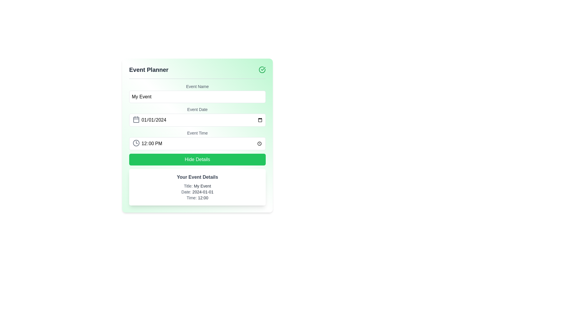 Image resolution: width=565 pixels, height=318 pixels. What do you see at coordinates (136, 119) in the screenshot?
I see `the calendar icon which is visually used to denote the date selection field adjacent to the 'Event Date' input field` at bounding box center [136, 119].